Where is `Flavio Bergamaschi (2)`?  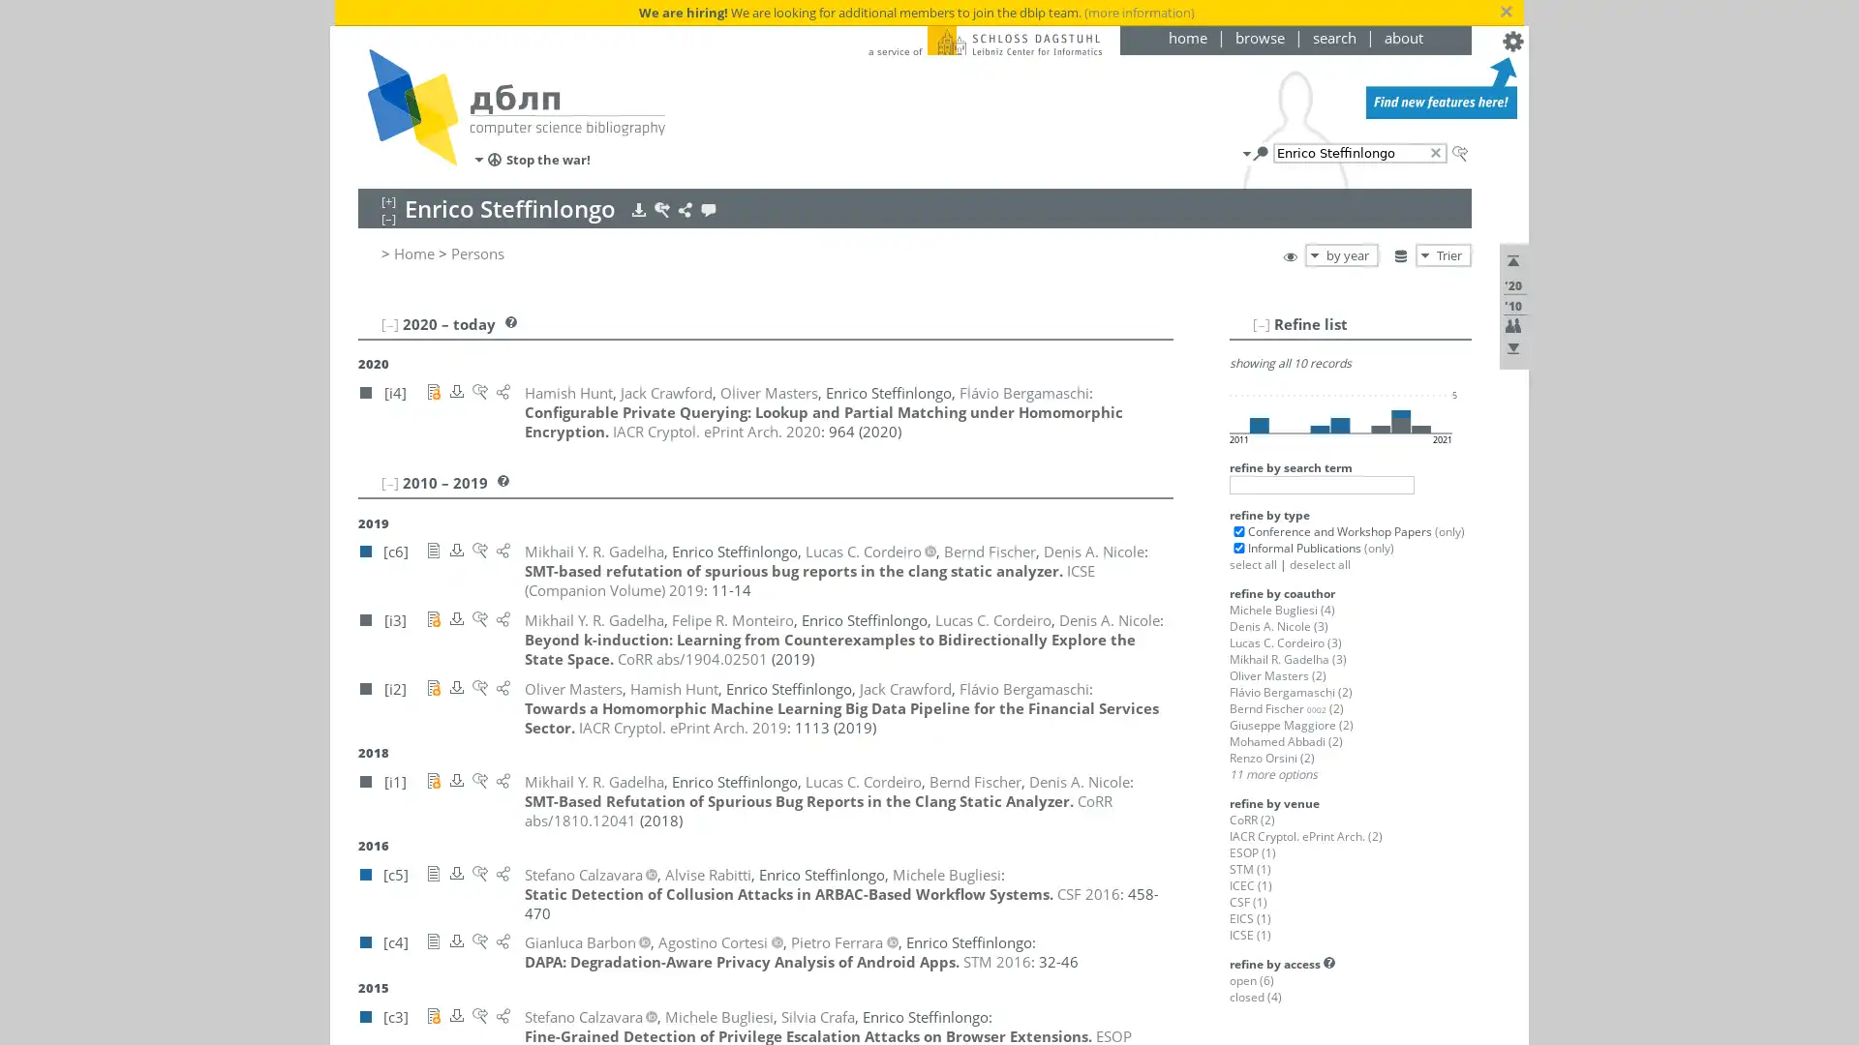
Flavio Bergamaschi (2) is located at coordinates (1291, 691).